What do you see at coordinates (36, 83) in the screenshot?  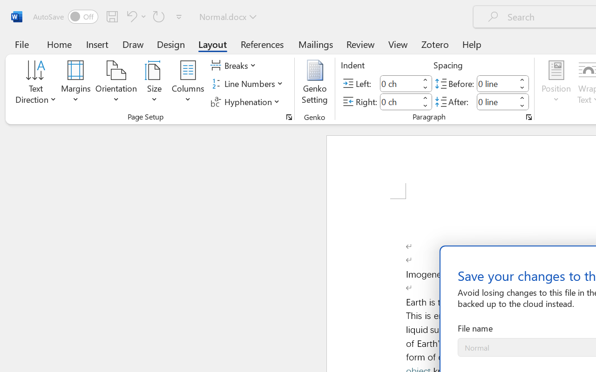 I see `'Text Direction'` at bounding box center [36, 83].